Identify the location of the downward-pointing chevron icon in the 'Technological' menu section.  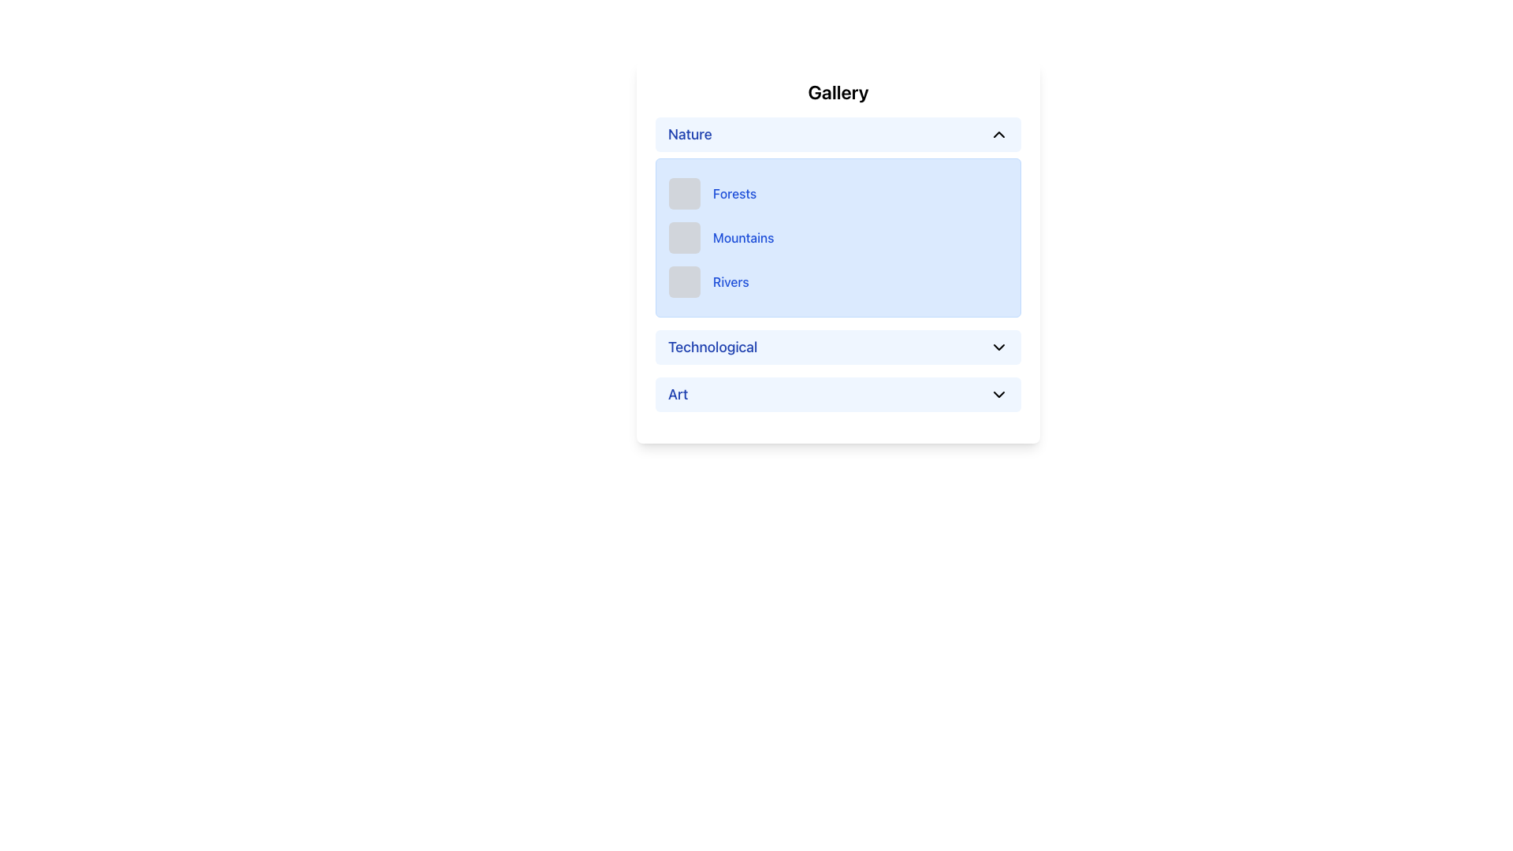
(998, 346).